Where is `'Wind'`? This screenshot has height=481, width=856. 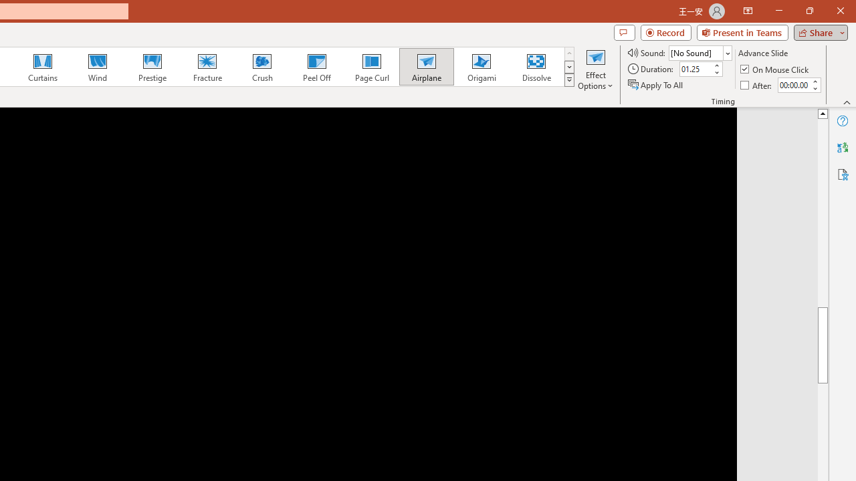 'Wind' is located at coordinates (96, 67).